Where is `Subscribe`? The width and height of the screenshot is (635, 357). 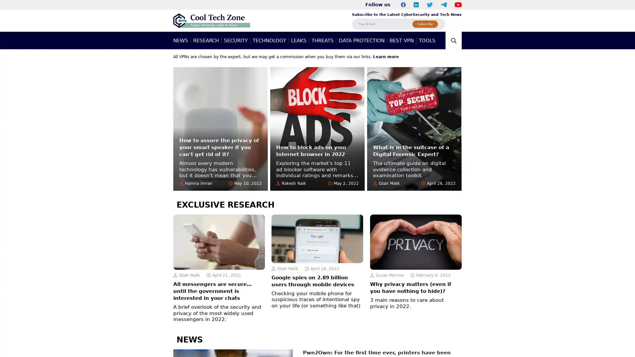
Subscribe is located at coordinates (425, 23).